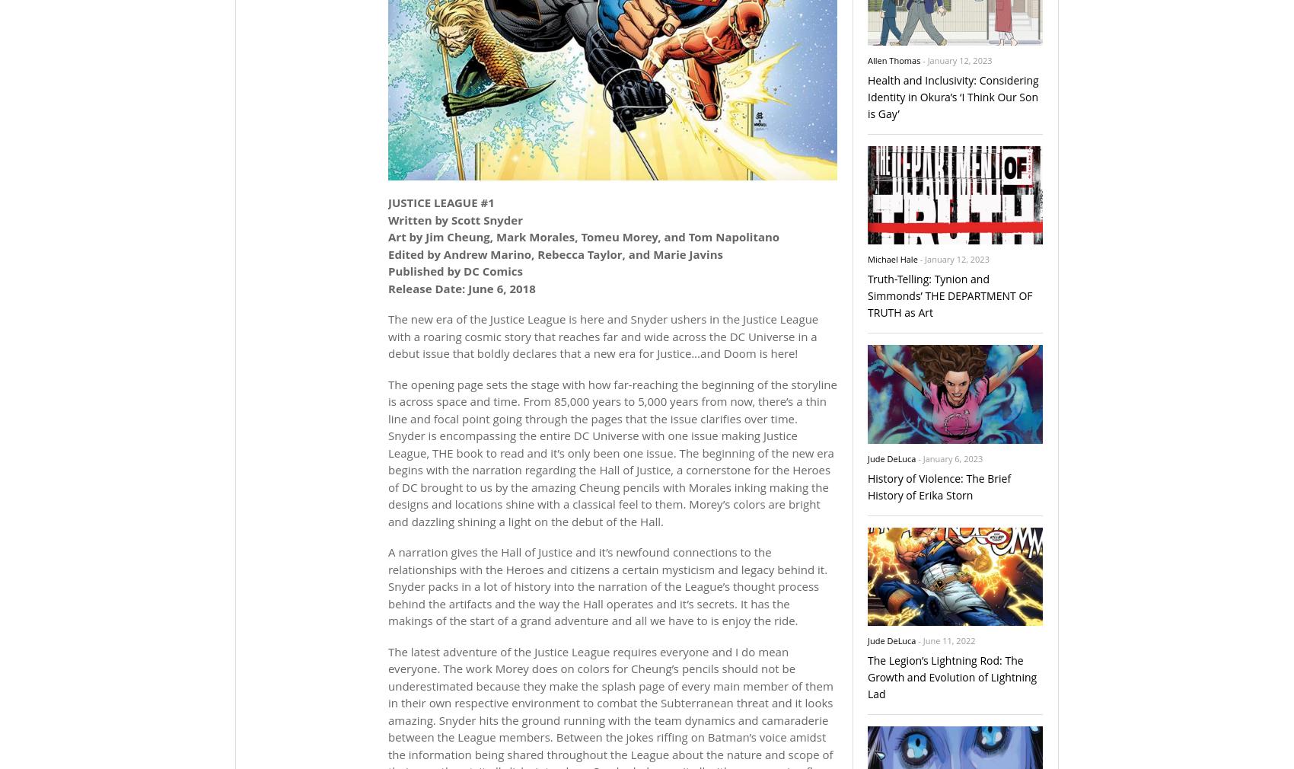 This screenshot has width=1294, height=769. Describe the element at coordinates (454, 219) in the screenshot. I see `'Written by Scott Snyder'` at that location.